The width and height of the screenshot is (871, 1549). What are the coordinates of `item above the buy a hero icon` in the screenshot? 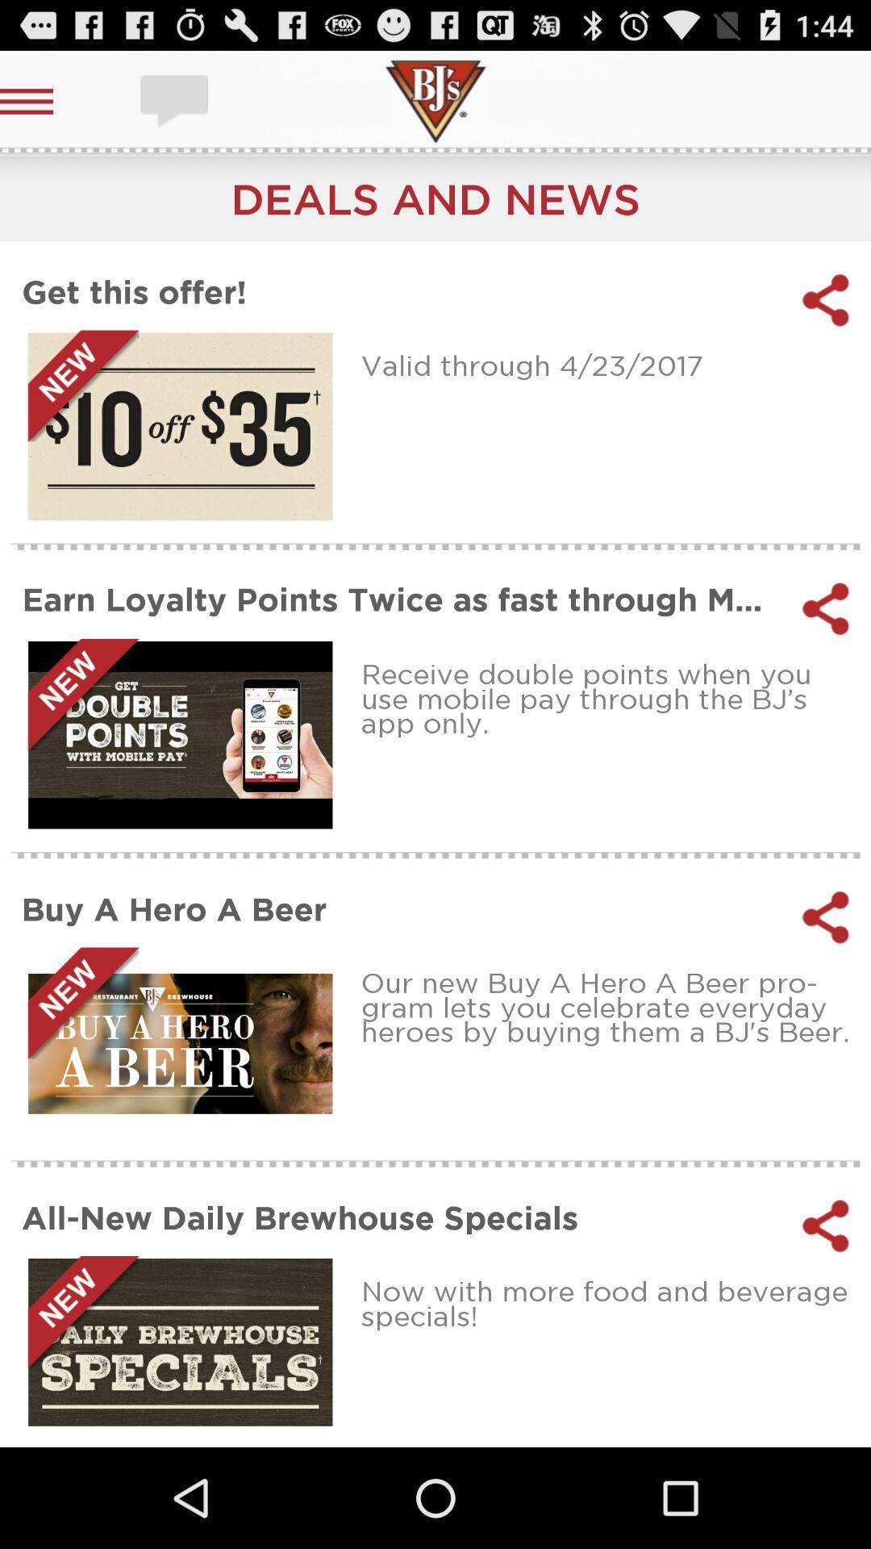 It's located at (611, 699).